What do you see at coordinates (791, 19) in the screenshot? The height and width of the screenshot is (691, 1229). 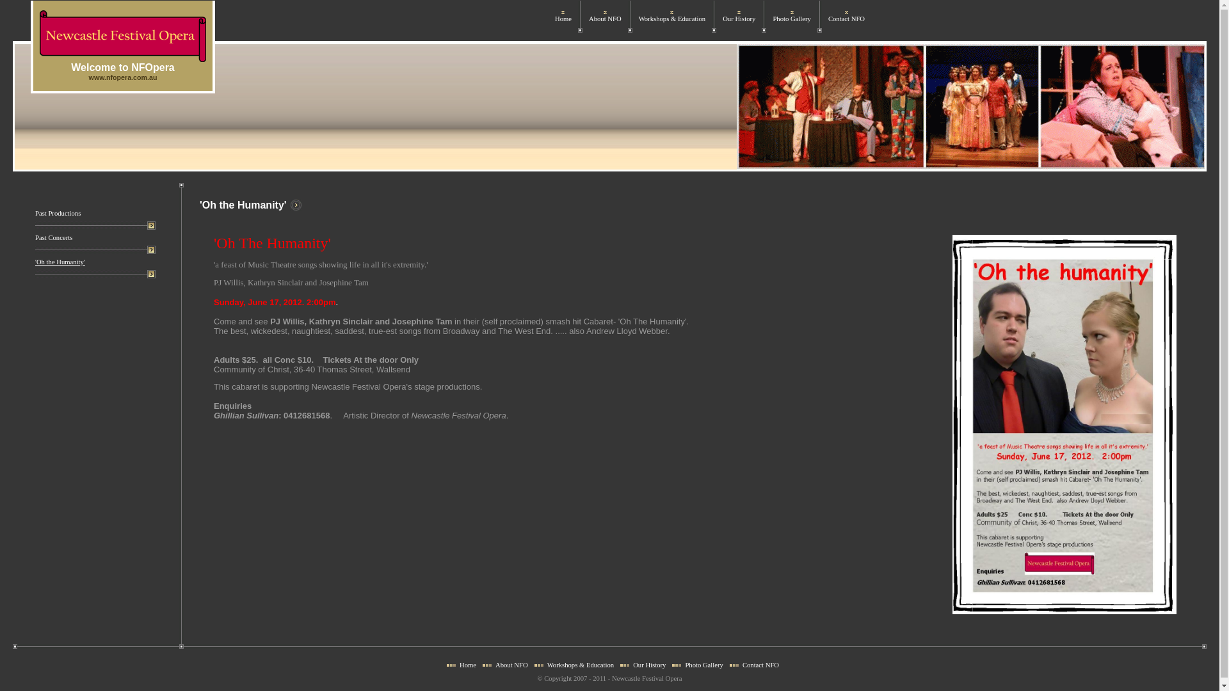 I see `'Photo Gallery'` at bounding box center [791, 19].